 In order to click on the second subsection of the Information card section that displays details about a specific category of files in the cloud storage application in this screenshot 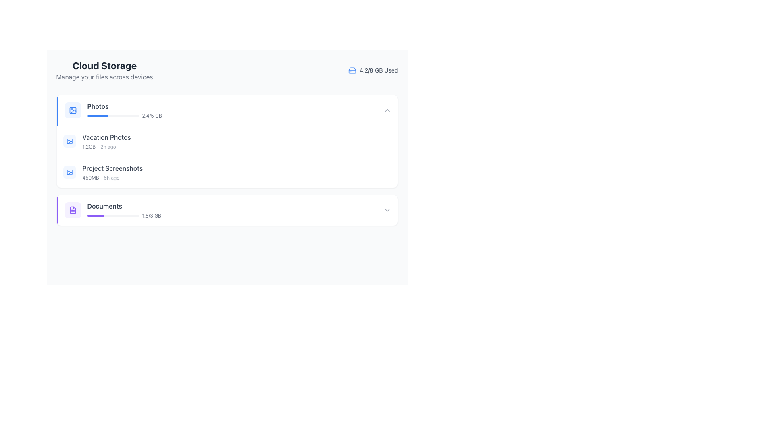, I will do `click(227, 141)`.